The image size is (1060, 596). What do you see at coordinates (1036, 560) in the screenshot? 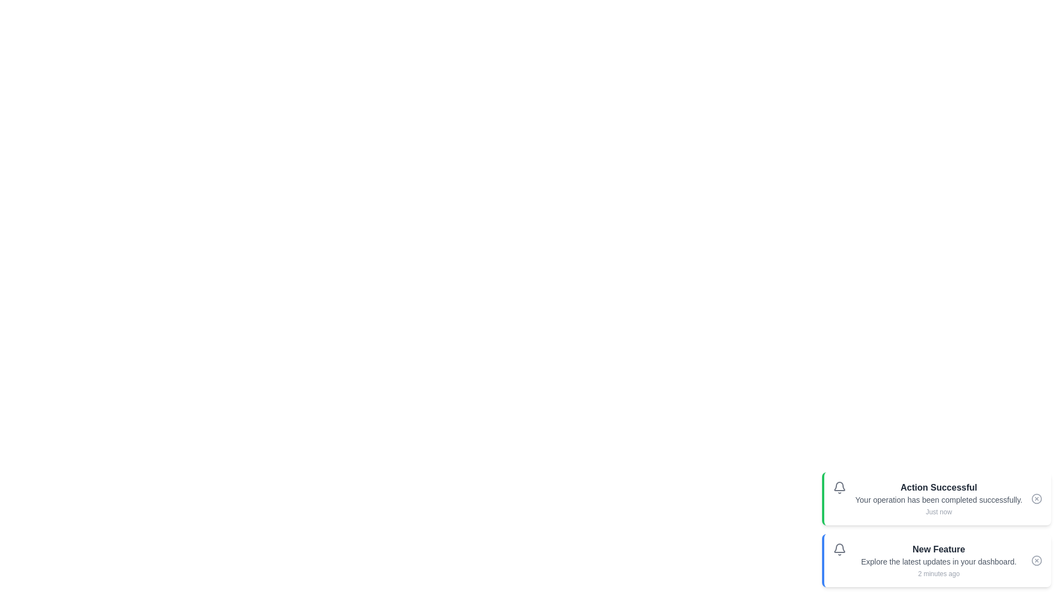
I see `the circular dismissal button with a gray border and 'X' marker located in the bottom-right corner of the notification card titled 'New Feature'` at bounding box center [1036, 560].